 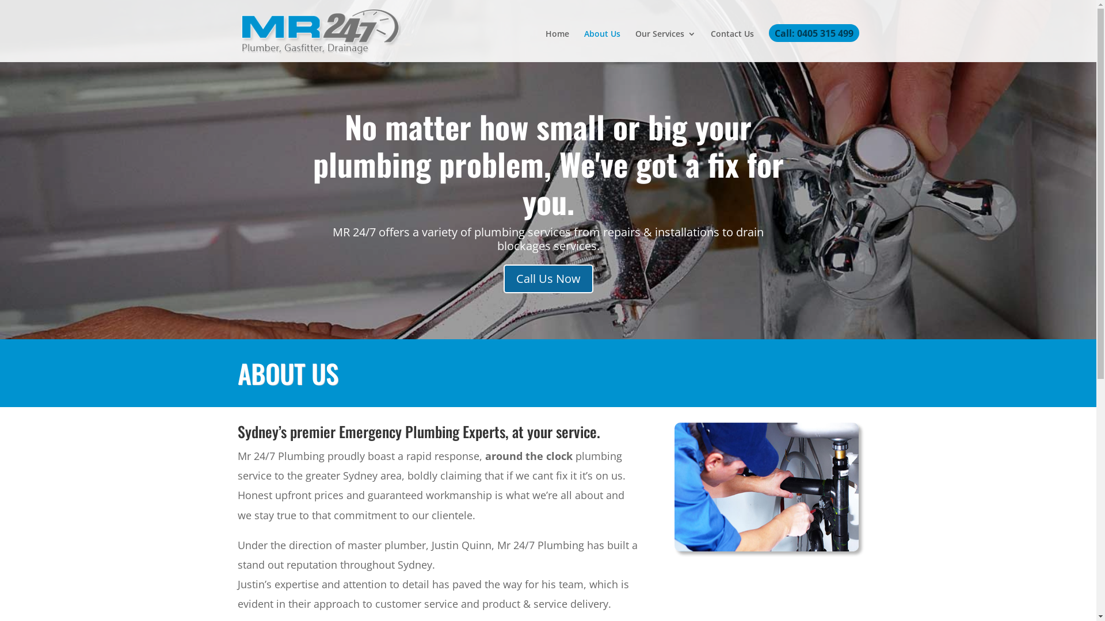 I want to click on 'Contact Us', so click(x=731, y=45).